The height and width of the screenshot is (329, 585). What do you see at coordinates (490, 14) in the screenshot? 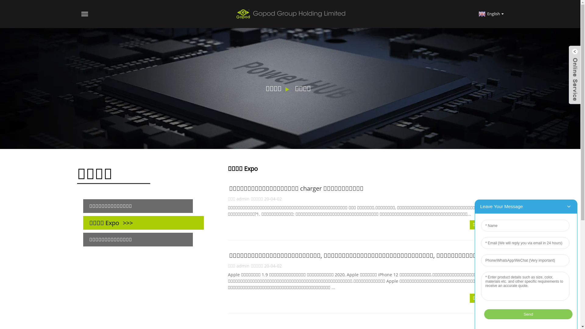
I see `'English'` at bounding box center [490, 14].